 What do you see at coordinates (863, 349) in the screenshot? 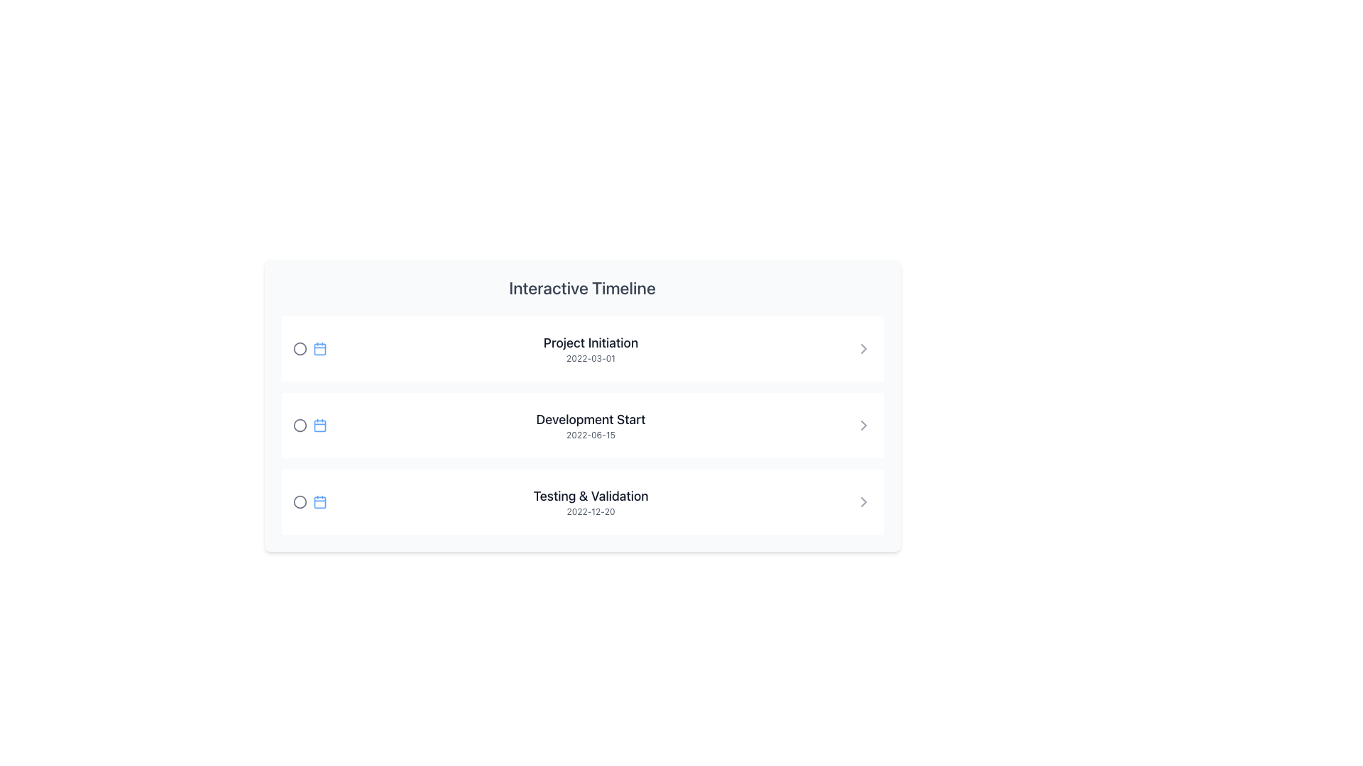
I see `the navigation icon located in the right section of the 'Project Initiation' entry in the interactive timeline` at bounding box center [863, 349].